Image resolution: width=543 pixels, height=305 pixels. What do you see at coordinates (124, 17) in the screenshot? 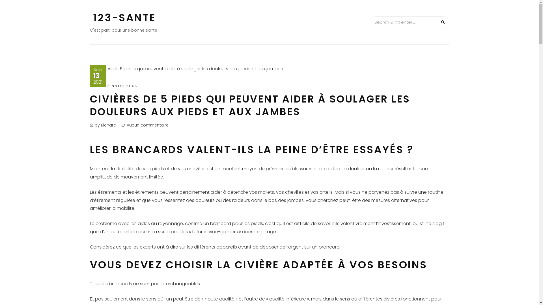
I see `'123-SANTE'` at bounding box center [124, 17].